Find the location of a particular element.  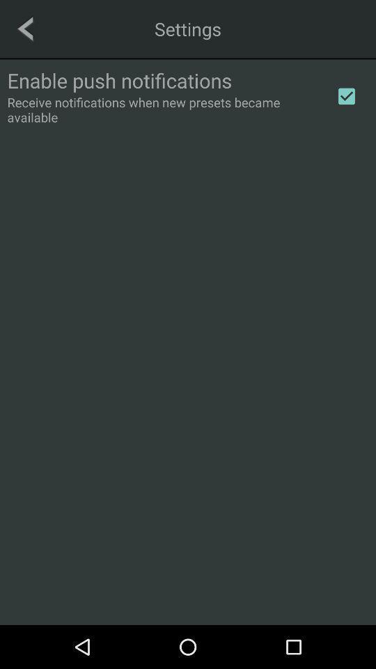

the item to the left of settings item is located at coordinates (25, 28).